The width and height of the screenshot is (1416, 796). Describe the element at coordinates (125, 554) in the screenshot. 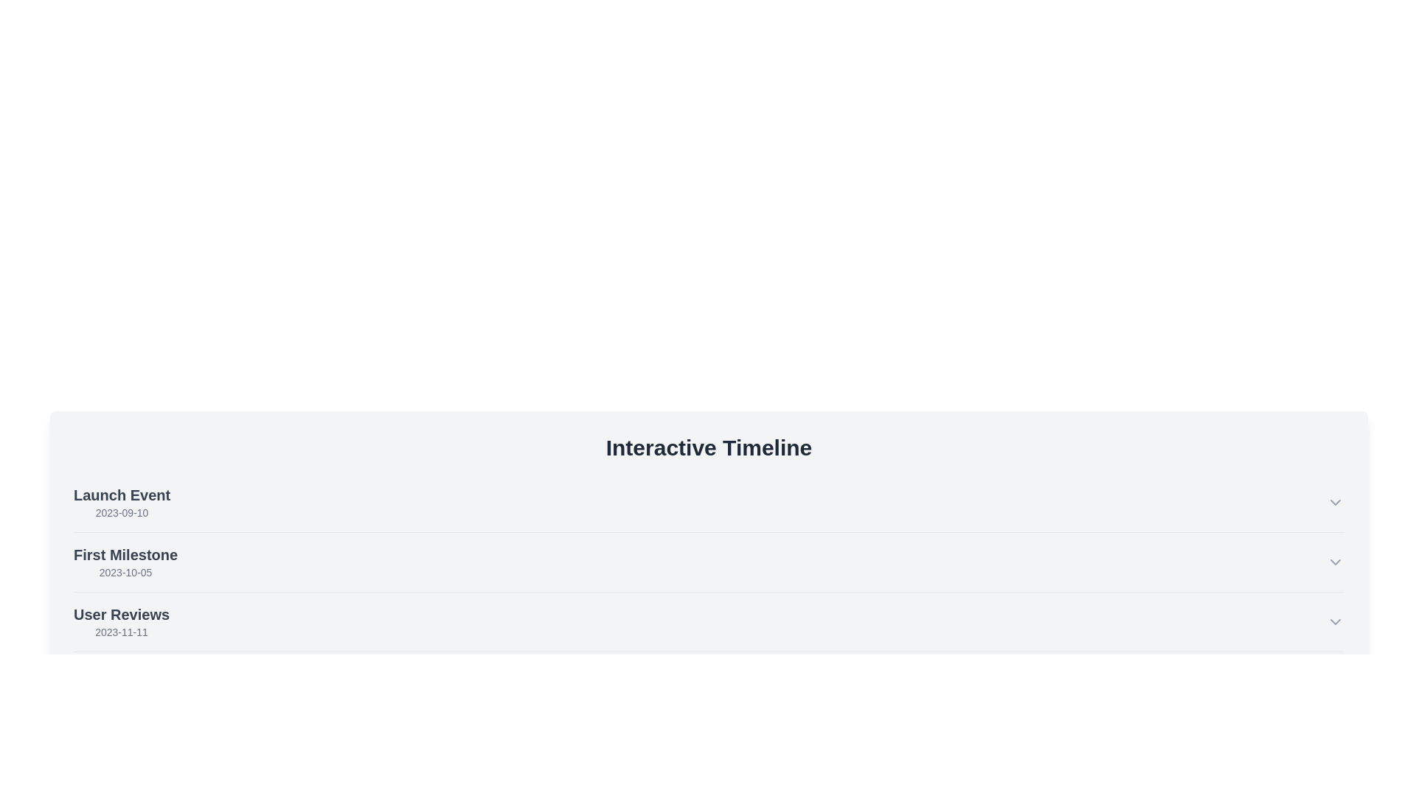

I see `the text label for the timeline event titled 'First Milestone'` at that location.